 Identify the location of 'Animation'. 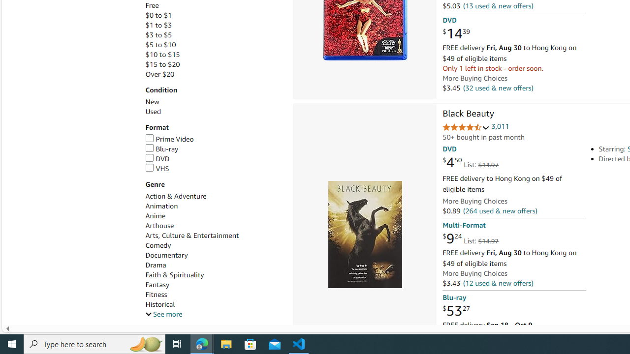
(213, 206).